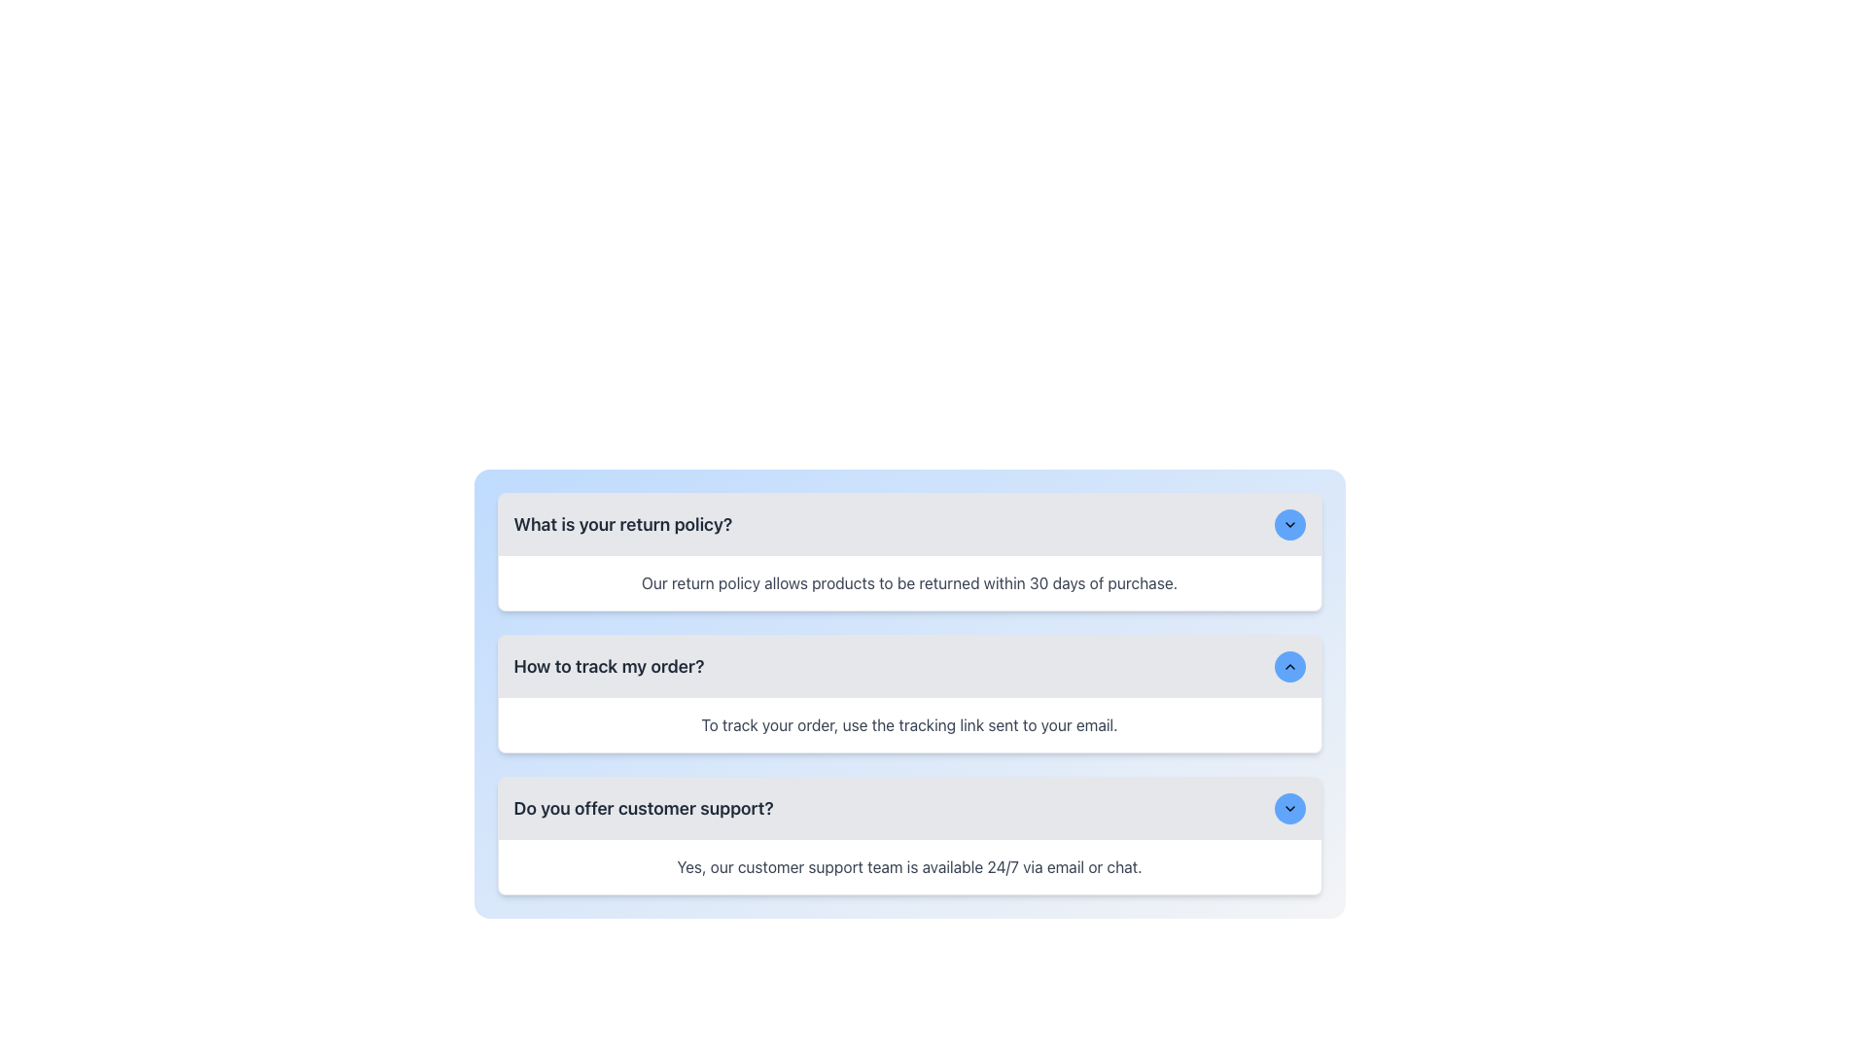 Image resolution: width=1867 pixels, height=1050 pixels. Describe the element at coordinates (908, 692) in the screenshot. I see `the Collapsible Section that provides details about tracking an order, located below the 'What is your return policy?' section` at that location.